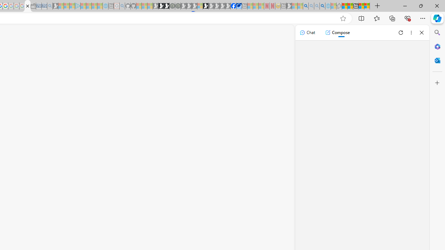 This screenshot has width=445, height=250. Describe the element at coordinates (337, 32) in the screenshot. I see `'Compose'` at that location.